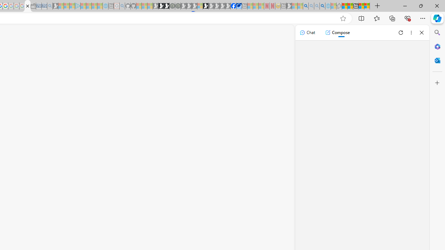 This screenshot has width=445, height=250. Describe the element at coordinates (337, 32) in the screenshot. I see `'Compose'` at that location.